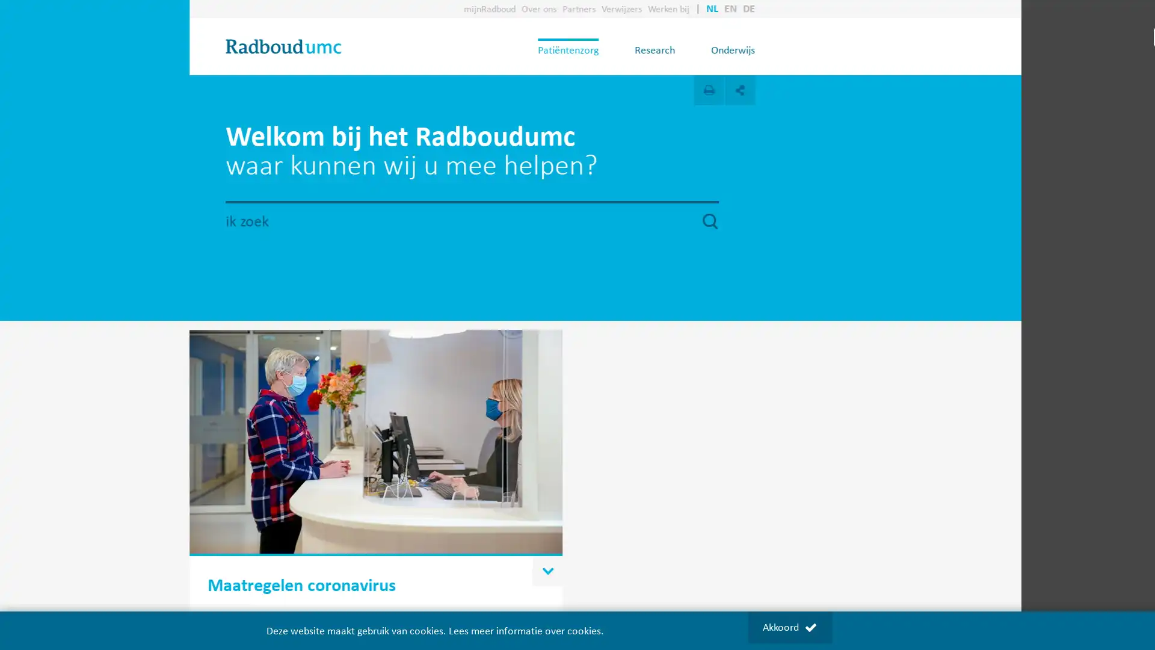 The image size is (1155, 650). I want to click on D ga terug naar vorige stap, so click(753, 78).